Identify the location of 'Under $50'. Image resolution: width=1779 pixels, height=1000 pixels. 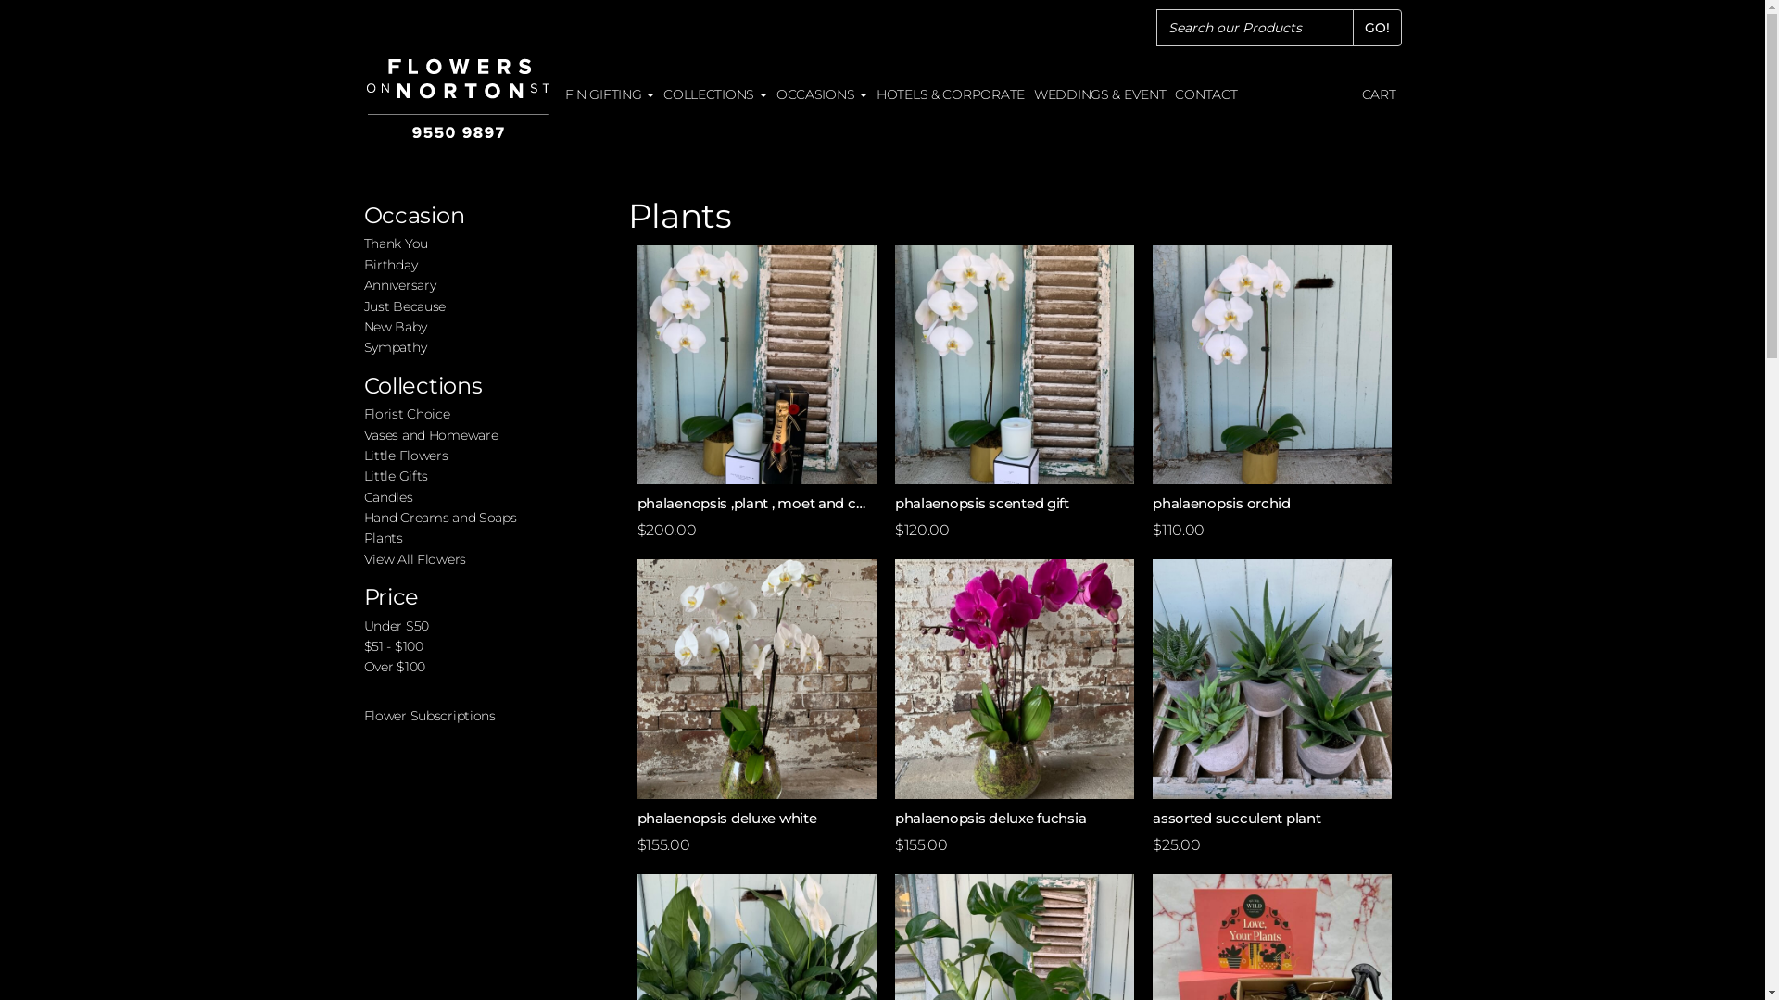
(395, 625).